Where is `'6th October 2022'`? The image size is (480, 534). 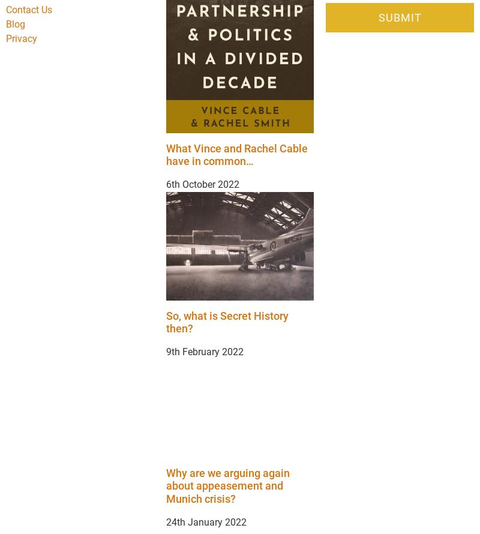 '6th October 2022' is located at coordinates (202, 184).